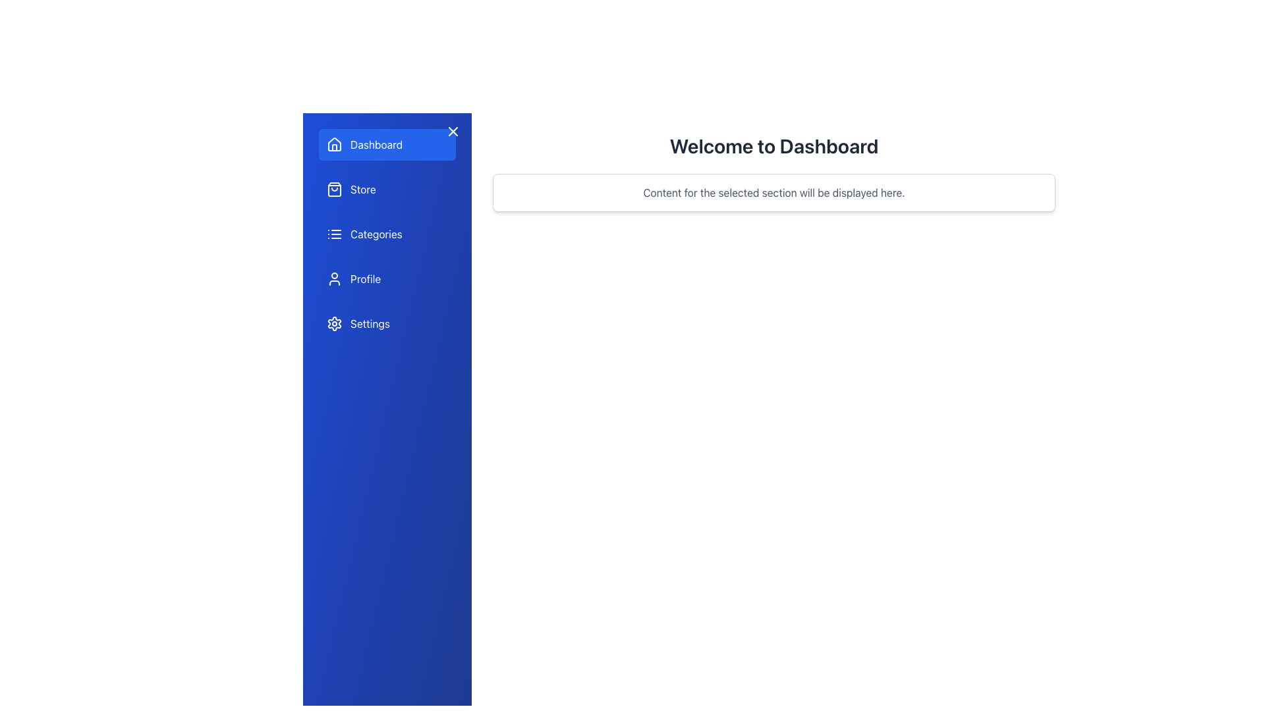 This screenshot has height=711, width=1265. Describe the element at coordinates (387, 233) in the screenshot. I see `the 'Categories' navigation link located as the third item in the left sidebar, positioned below 'Store' and above 'Profile'` at that location.